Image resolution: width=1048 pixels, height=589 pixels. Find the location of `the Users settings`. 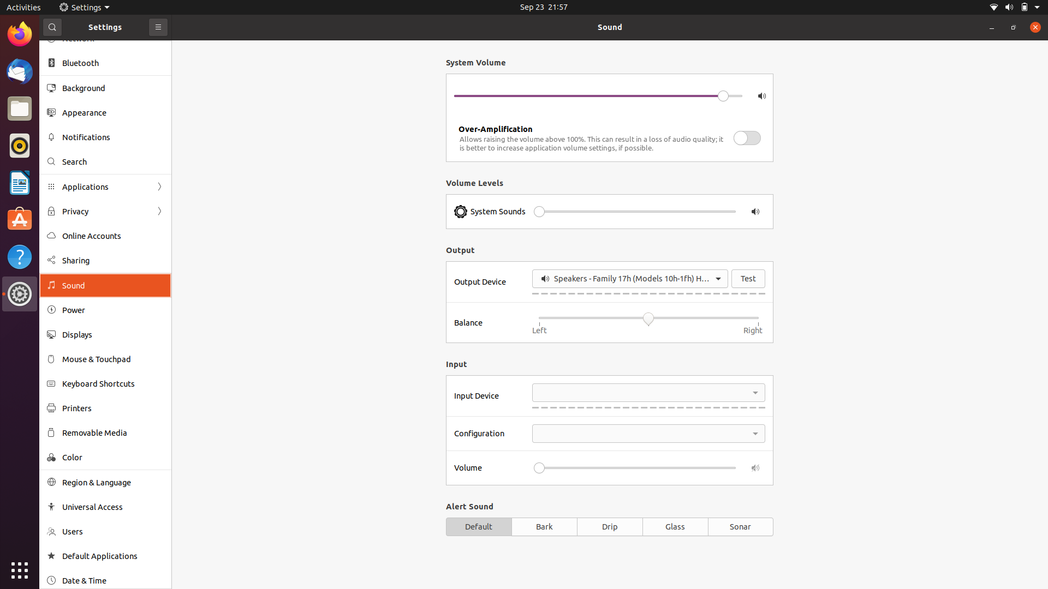

the Users settings is located at coordinates (105, 532).